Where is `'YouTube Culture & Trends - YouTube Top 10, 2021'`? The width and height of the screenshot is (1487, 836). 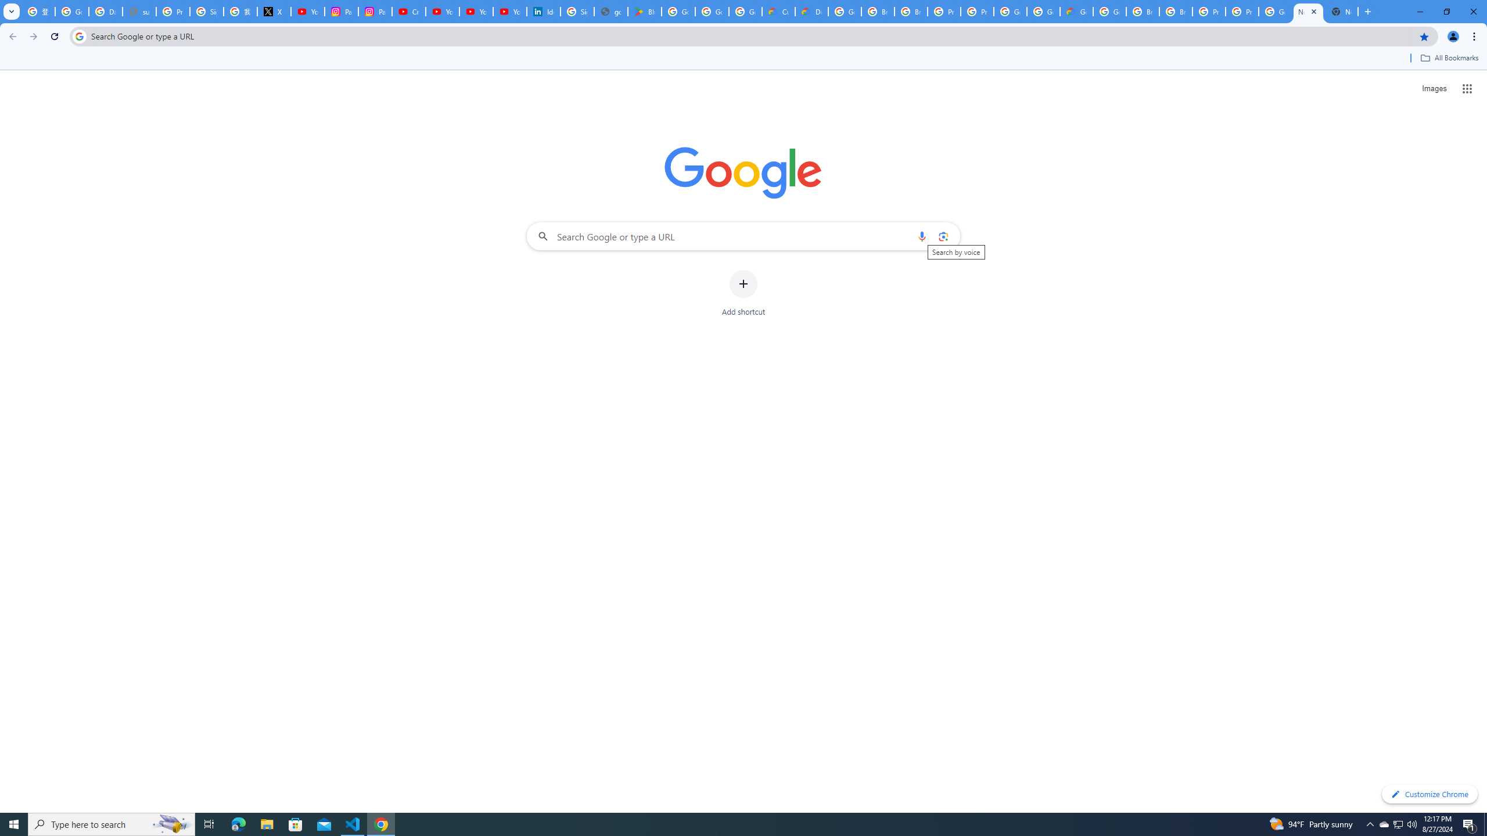 'YouTube Culture & Trends - YouTube Top 10, 2021' is located at coordinates (509, 11).